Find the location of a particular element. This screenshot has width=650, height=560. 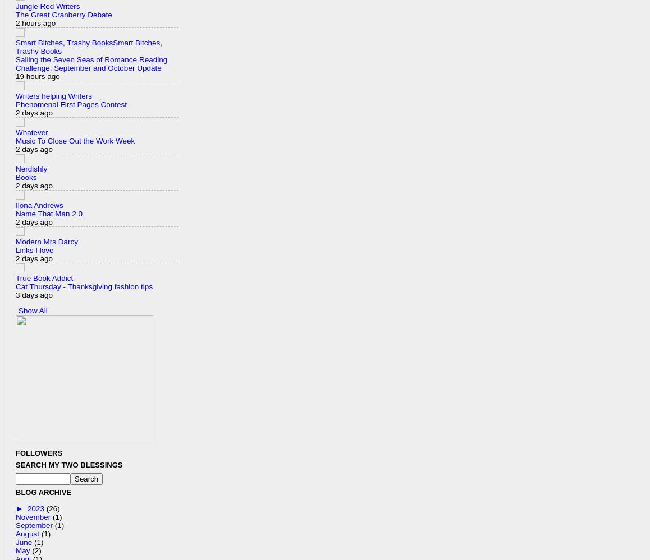

'Writers helping Writers' is located at coordinates (53, 95).